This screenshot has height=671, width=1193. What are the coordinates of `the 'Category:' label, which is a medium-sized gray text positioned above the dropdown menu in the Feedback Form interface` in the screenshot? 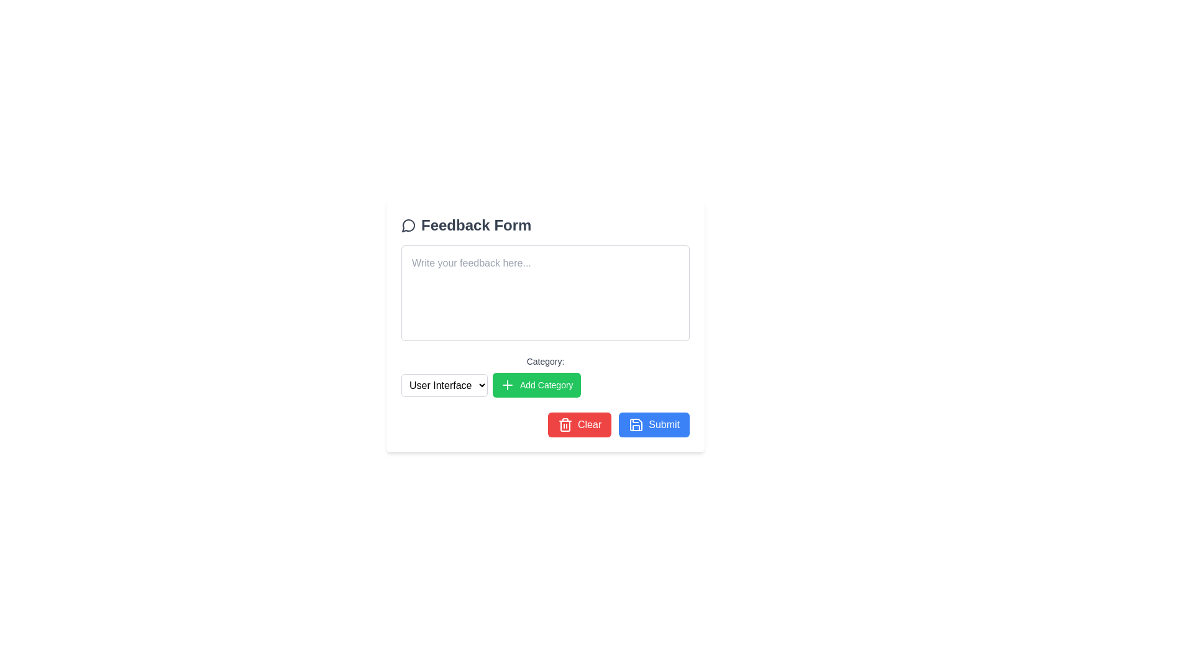 It's located at (546, 362).